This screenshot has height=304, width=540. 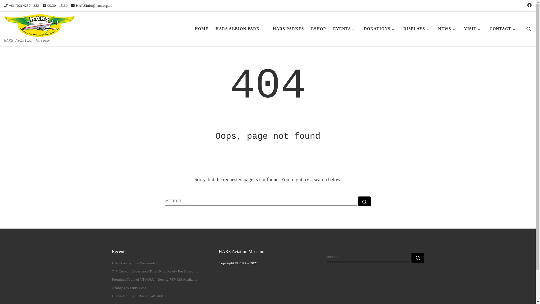 What do you see at coordinates (473, 28) in the screenshot?
I see `'VISIT'` at bounding box center [473, 28].